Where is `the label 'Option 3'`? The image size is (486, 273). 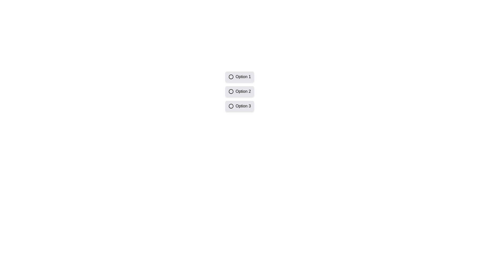
the label 'Option 3' is located at coordinates (243, 106).